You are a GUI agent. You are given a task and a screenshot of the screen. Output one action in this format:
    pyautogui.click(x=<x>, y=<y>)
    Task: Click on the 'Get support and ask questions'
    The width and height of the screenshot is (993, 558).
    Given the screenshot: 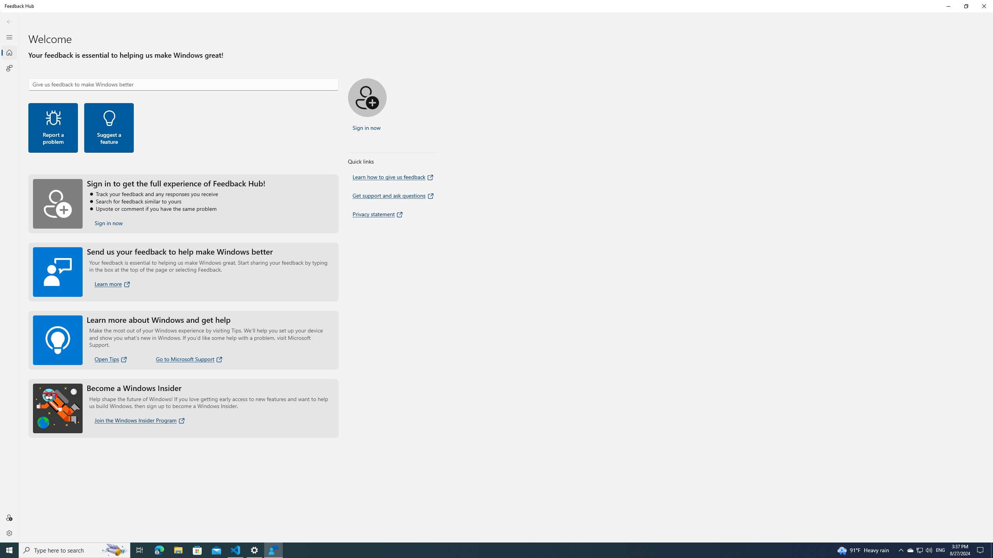 What is the action you would take?
    pyautogui.click(x=394, y=196)
    